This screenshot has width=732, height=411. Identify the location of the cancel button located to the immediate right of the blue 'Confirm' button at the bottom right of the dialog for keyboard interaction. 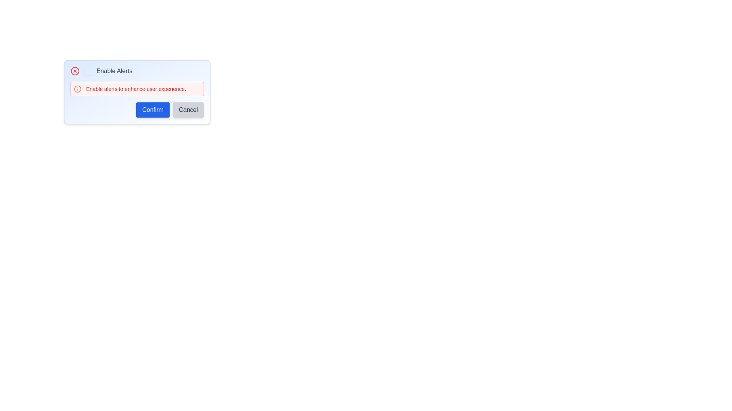
(188, 110).